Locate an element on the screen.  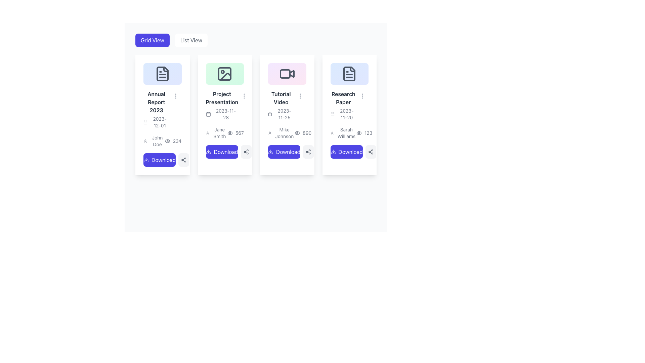
associated icons for the author 'Mike Johnson' and views '890' located centrally below the date in the 'Tutorial Video' card is located at coordinates (287, 133).